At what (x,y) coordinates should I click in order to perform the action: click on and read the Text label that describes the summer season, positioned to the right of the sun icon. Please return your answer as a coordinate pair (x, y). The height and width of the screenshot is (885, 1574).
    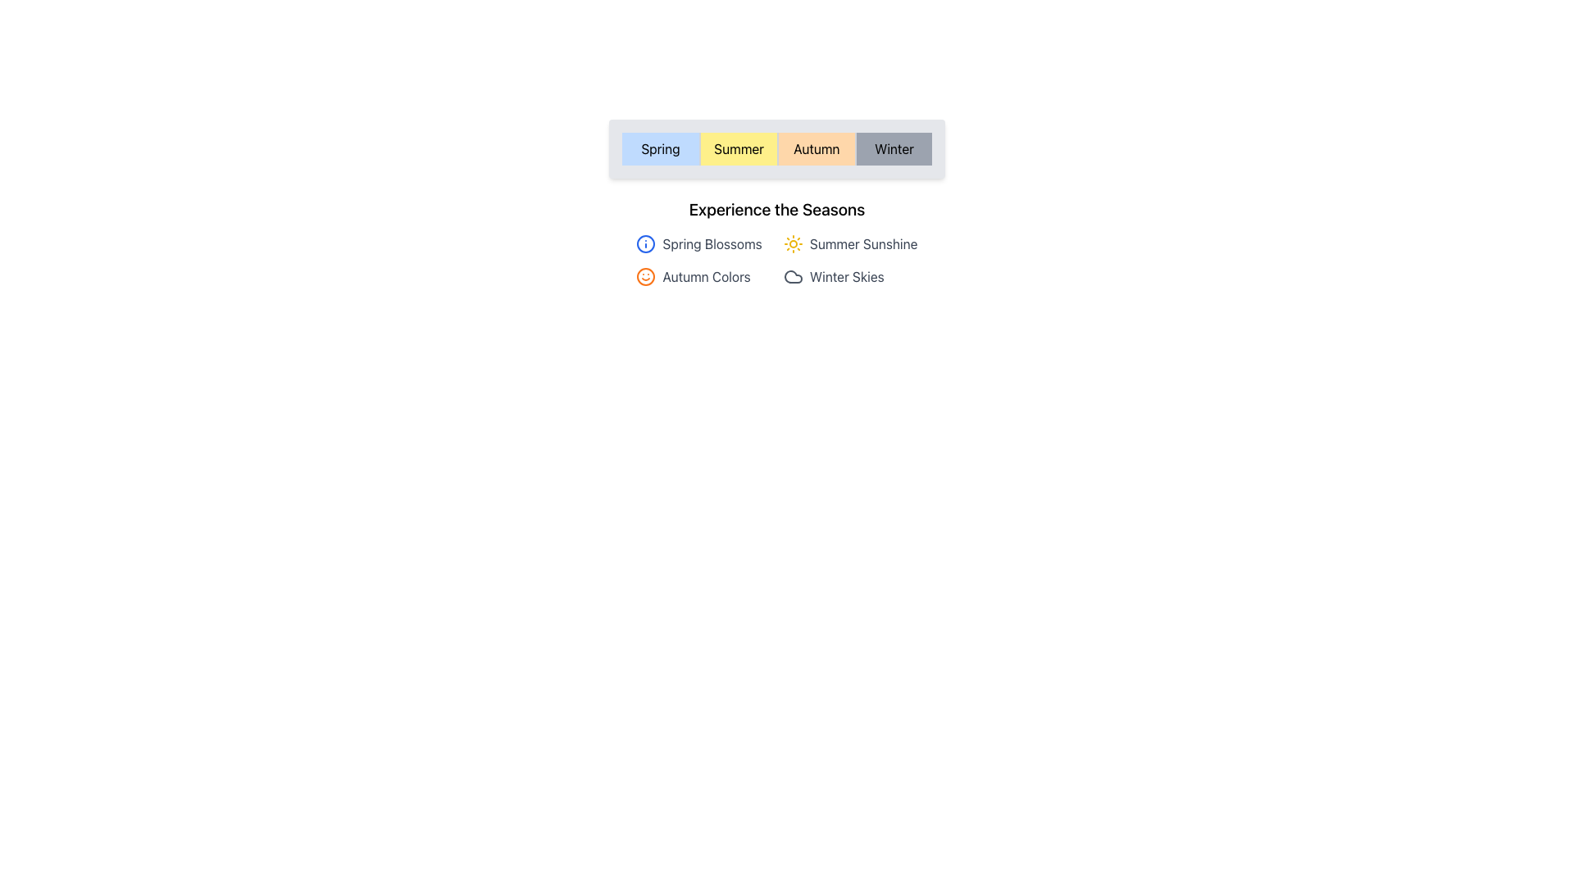
    Looking at the image, I should click on (862, 243).